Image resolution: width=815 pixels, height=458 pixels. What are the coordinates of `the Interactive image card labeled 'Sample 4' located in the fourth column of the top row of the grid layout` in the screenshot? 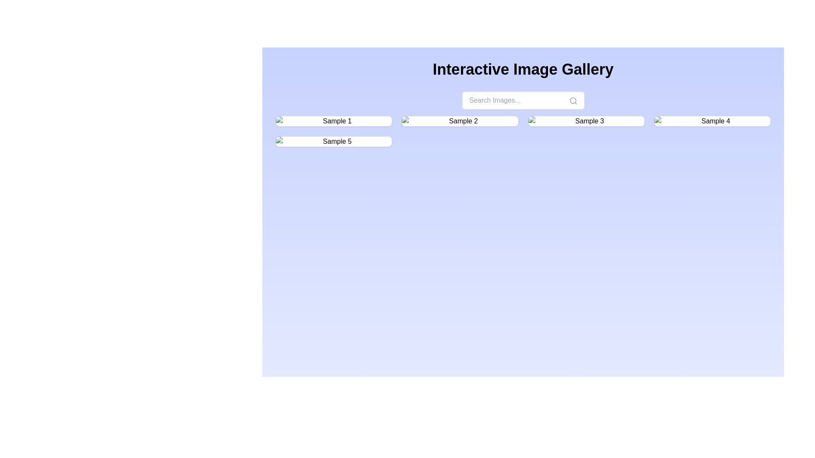 It's located at (712, 121).